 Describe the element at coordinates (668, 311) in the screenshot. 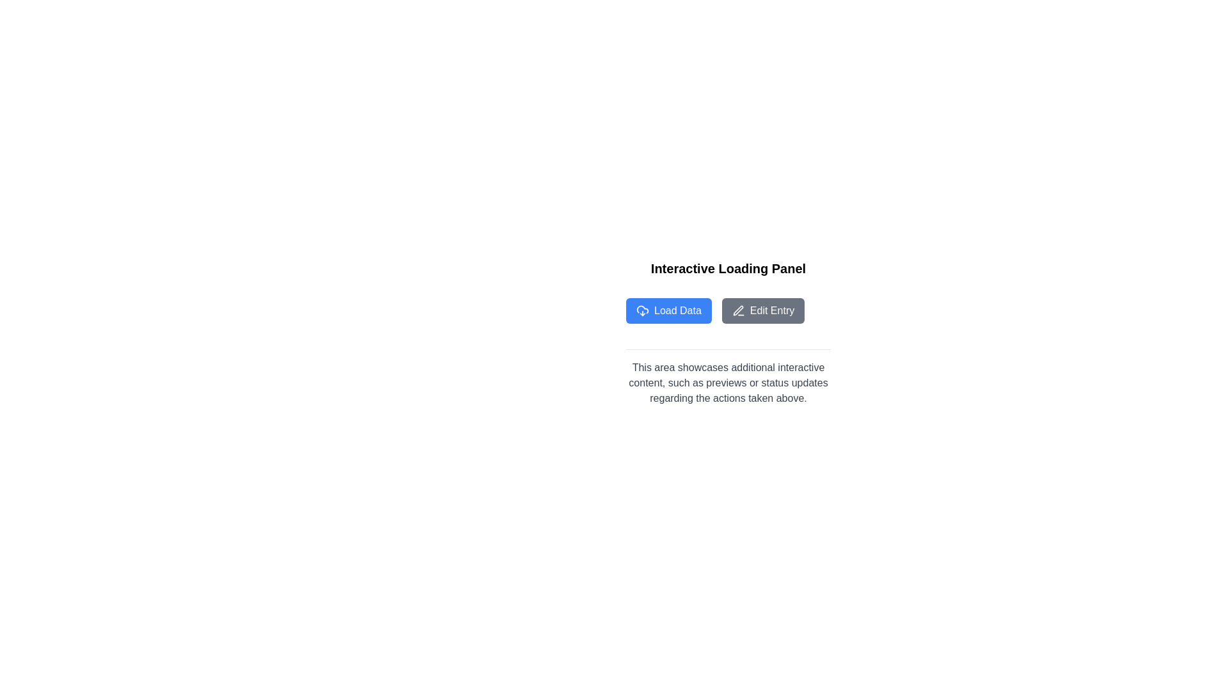

I see `the button that initiates the data-loading process` at that location.